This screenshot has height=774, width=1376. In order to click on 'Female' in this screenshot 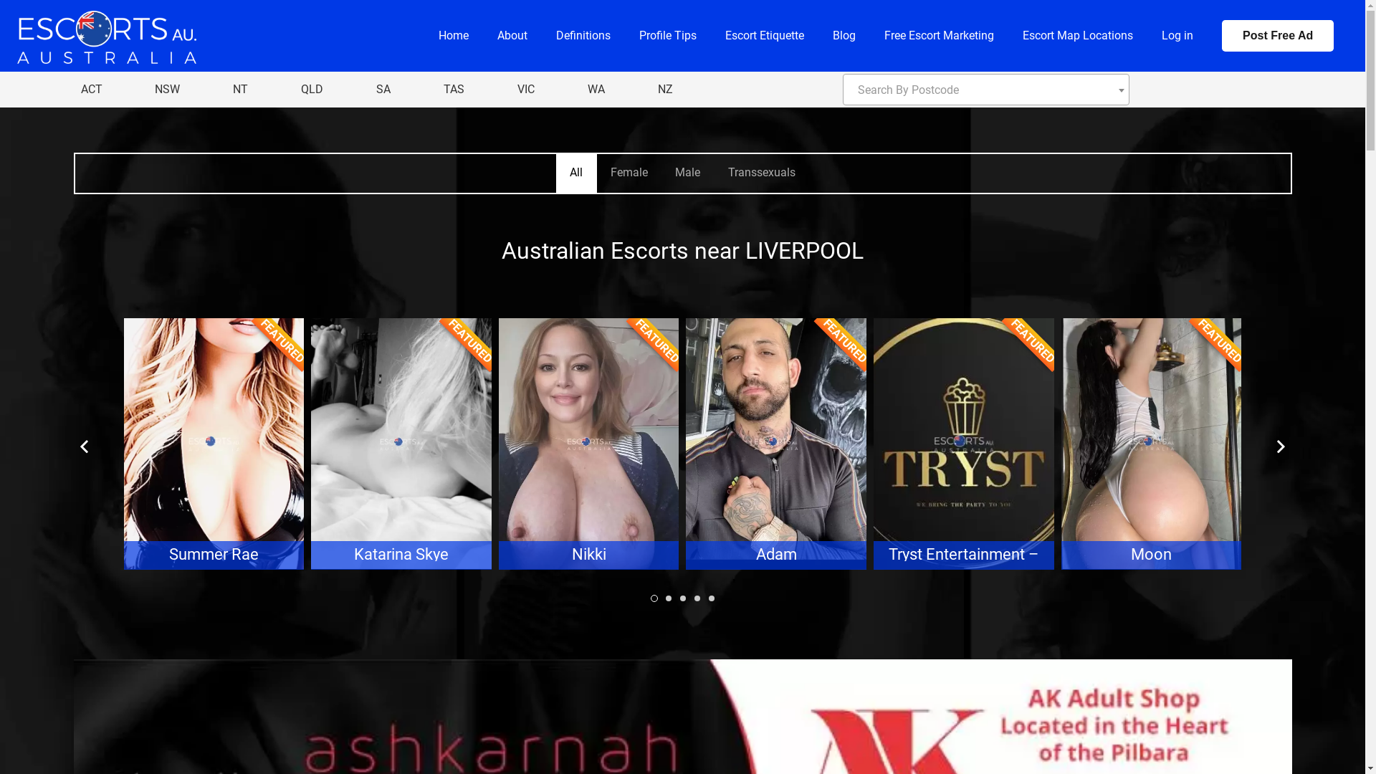, I will do `click(629, 173)`.